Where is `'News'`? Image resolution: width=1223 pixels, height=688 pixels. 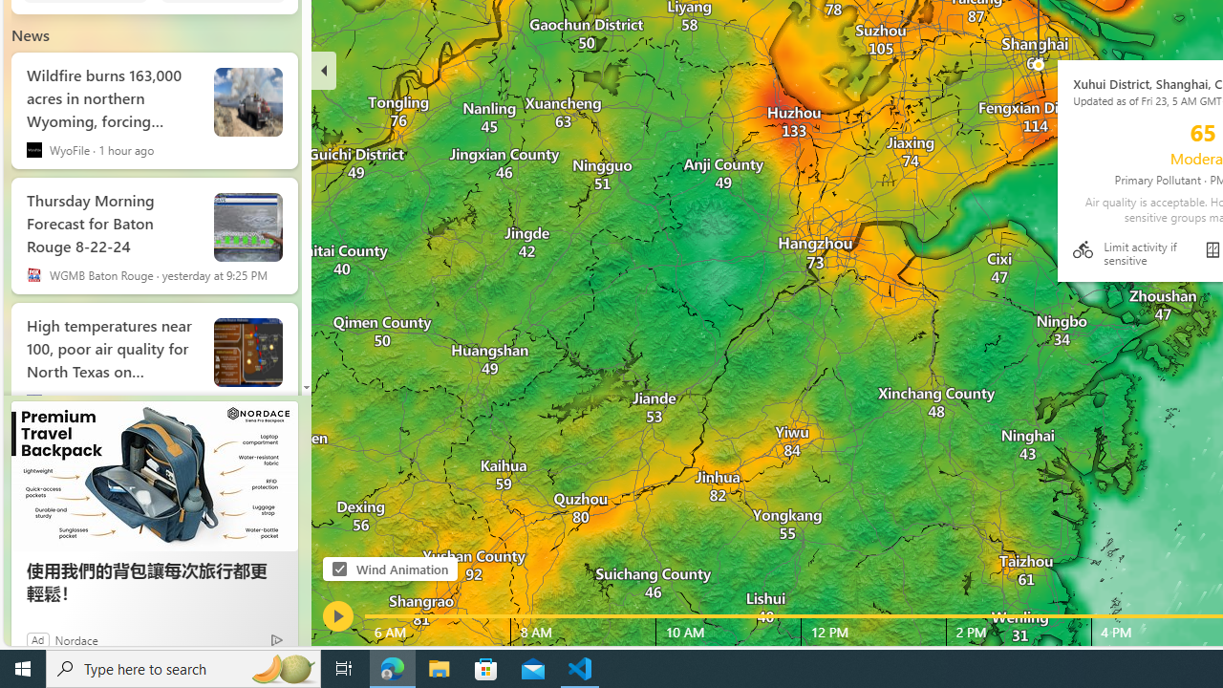
'News' is located at coordinates (31, 35).